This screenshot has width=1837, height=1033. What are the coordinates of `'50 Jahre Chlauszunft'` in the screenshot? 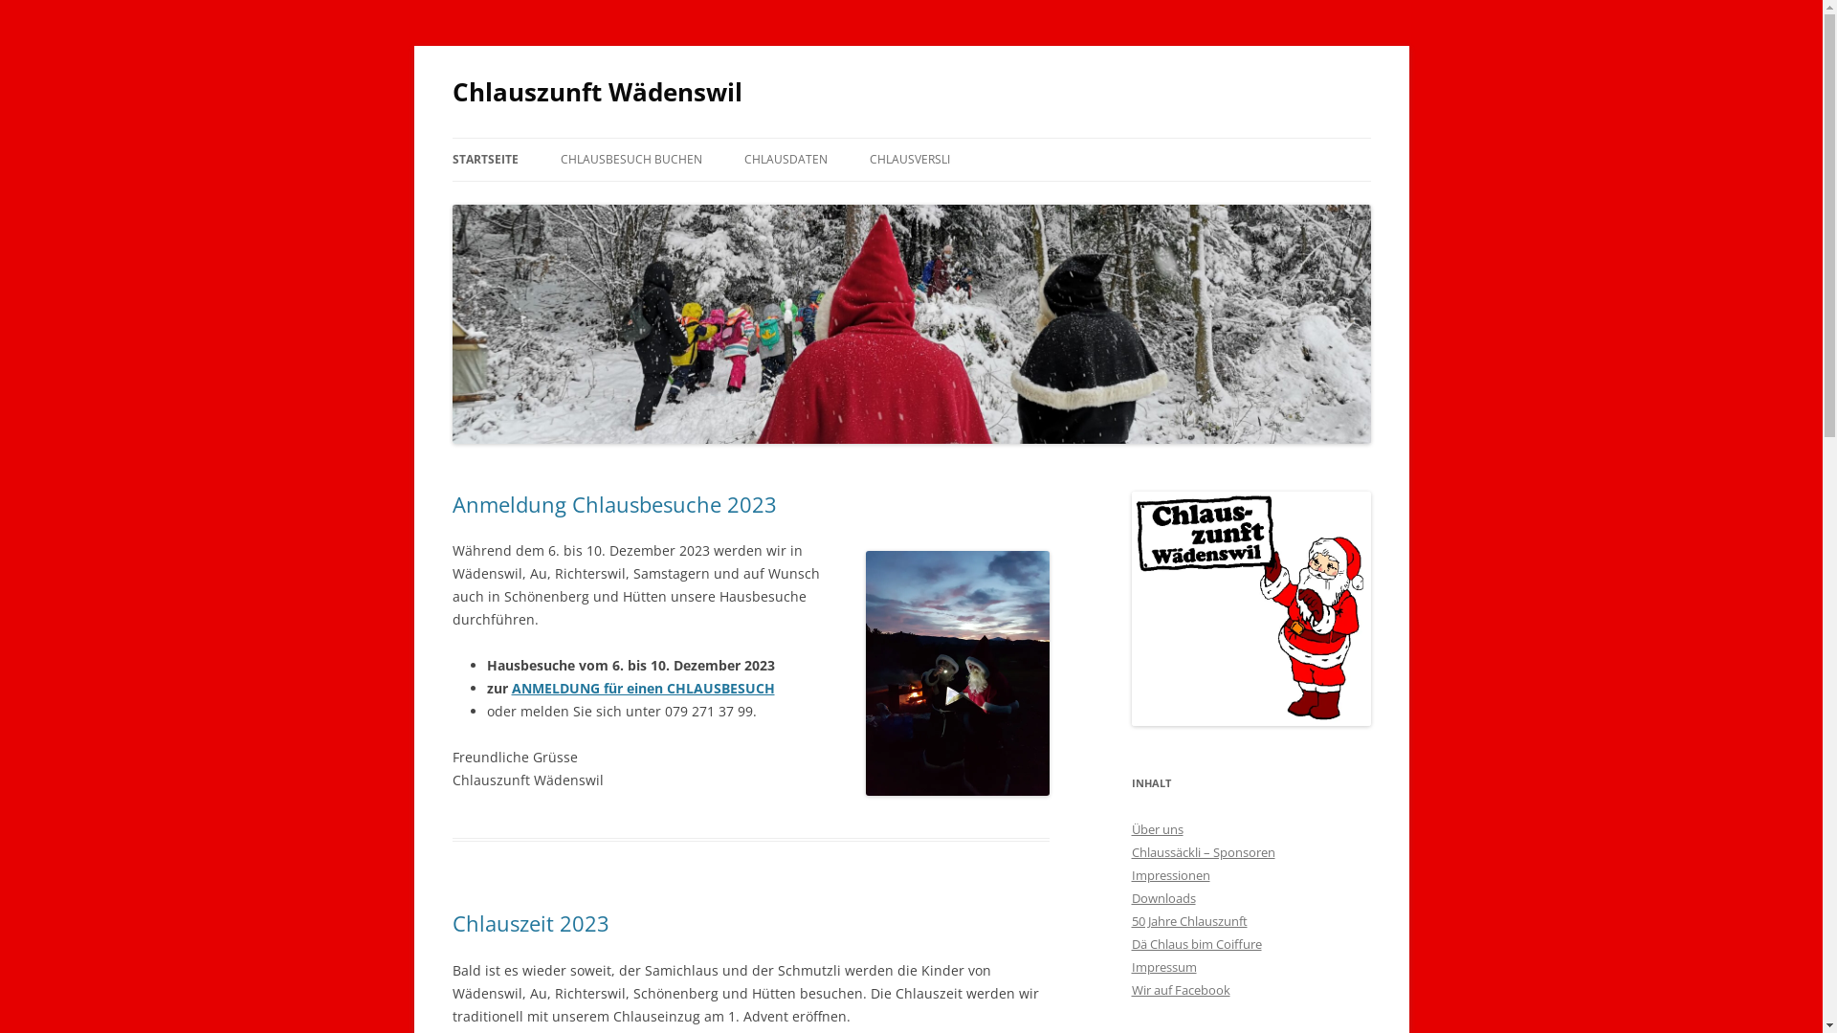 It's located at (1187, 920).